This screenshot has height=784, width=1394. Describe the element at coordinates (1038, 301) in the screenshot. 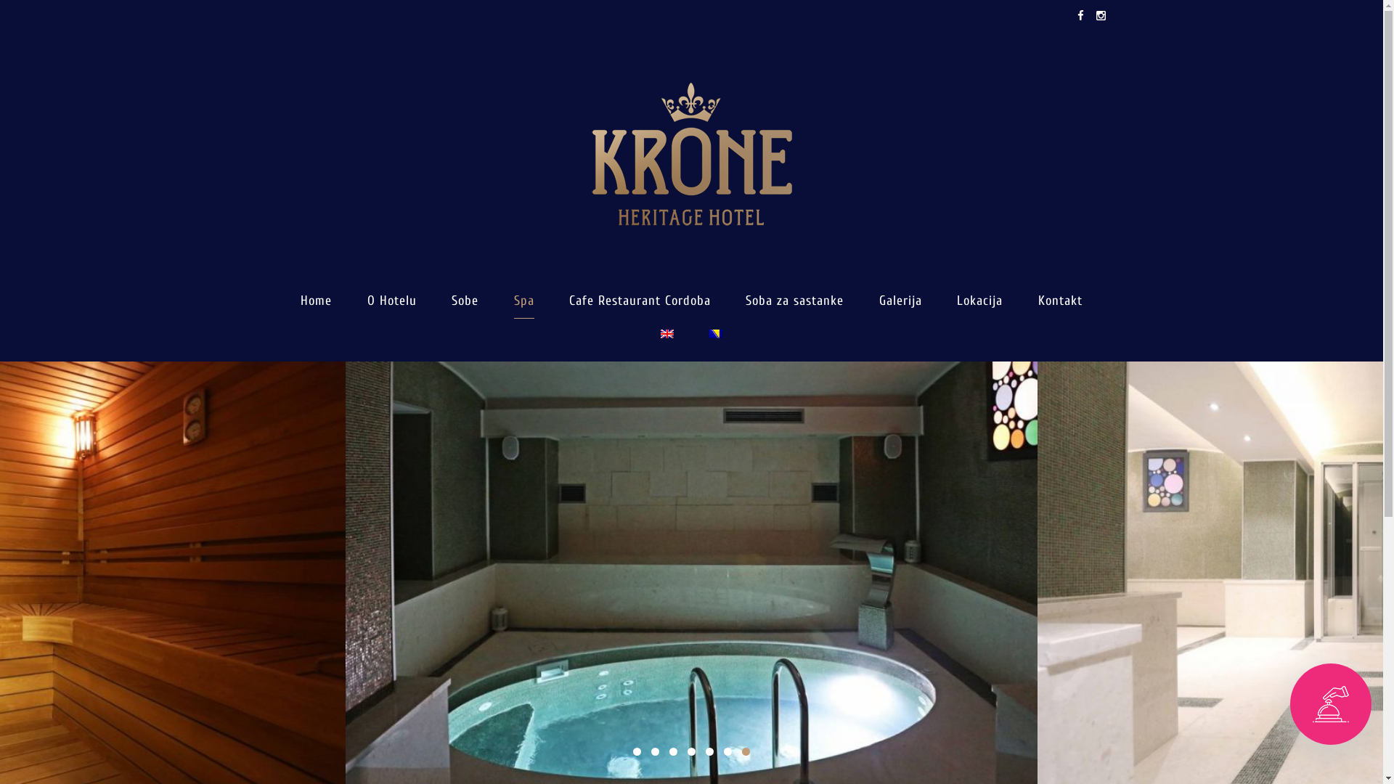

I see `'Kontakt'` at that location.